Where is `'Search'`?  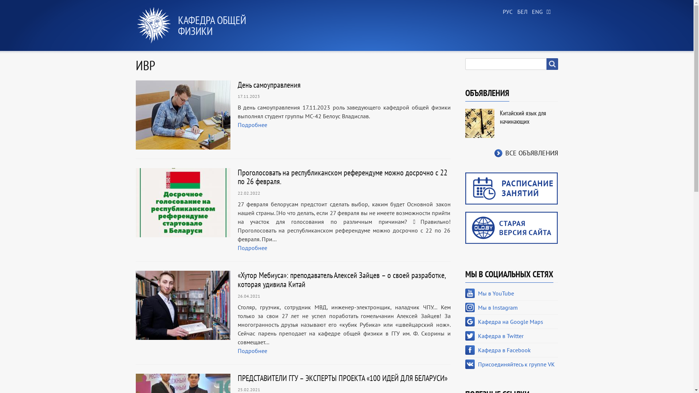 'Search' is located at coordinates (552, 64).